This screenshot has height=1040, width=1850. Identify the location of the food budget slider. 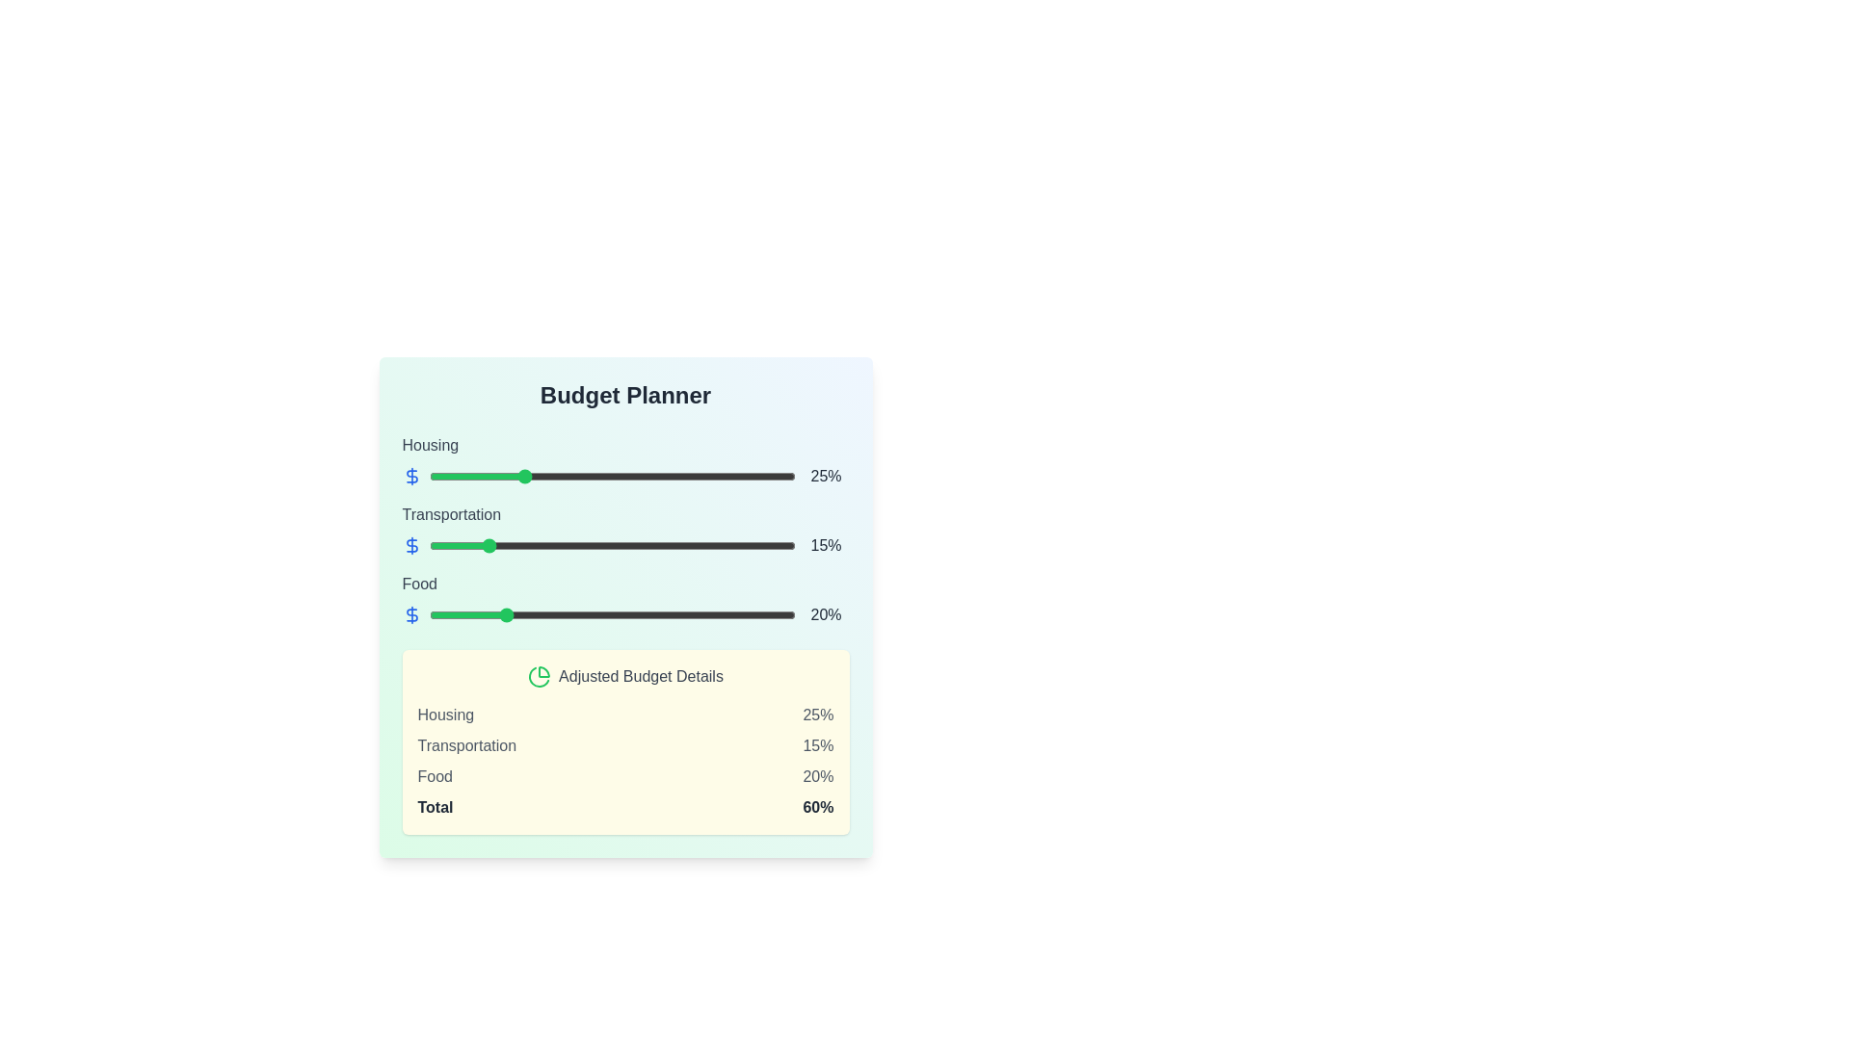
(607, 615).